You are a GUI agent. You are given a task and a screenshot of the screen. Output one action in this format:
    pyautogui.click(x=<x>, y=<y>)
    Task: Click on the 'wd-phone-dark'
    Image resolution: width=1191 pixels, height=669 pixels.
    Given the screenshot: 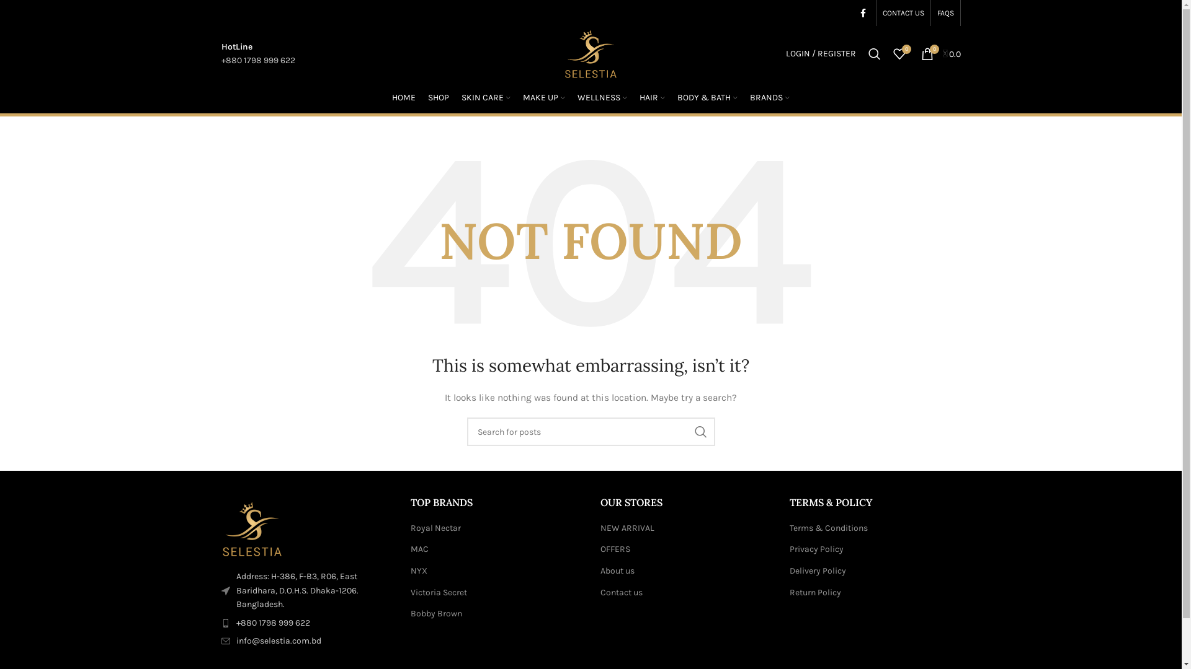 What is the action you would take?
    pyautogui.click(x=225, y=623)
    